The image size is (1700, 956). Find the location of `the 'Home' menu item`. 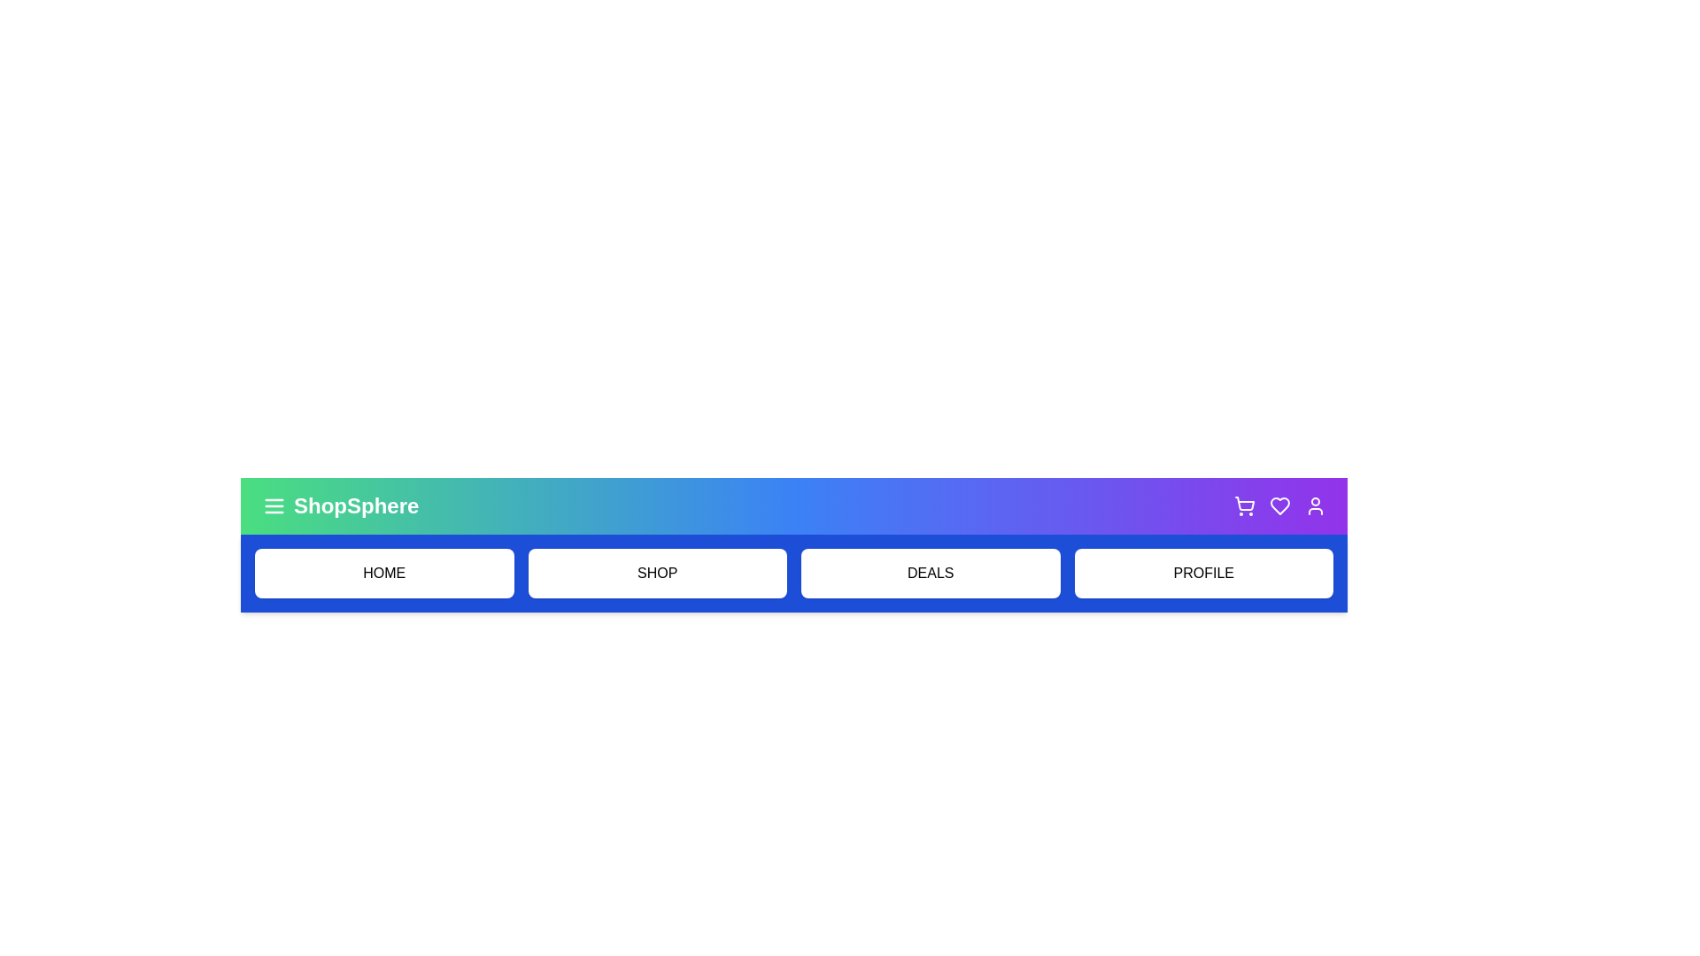

the 'Home' menu item is located at coordinates (382, 574).